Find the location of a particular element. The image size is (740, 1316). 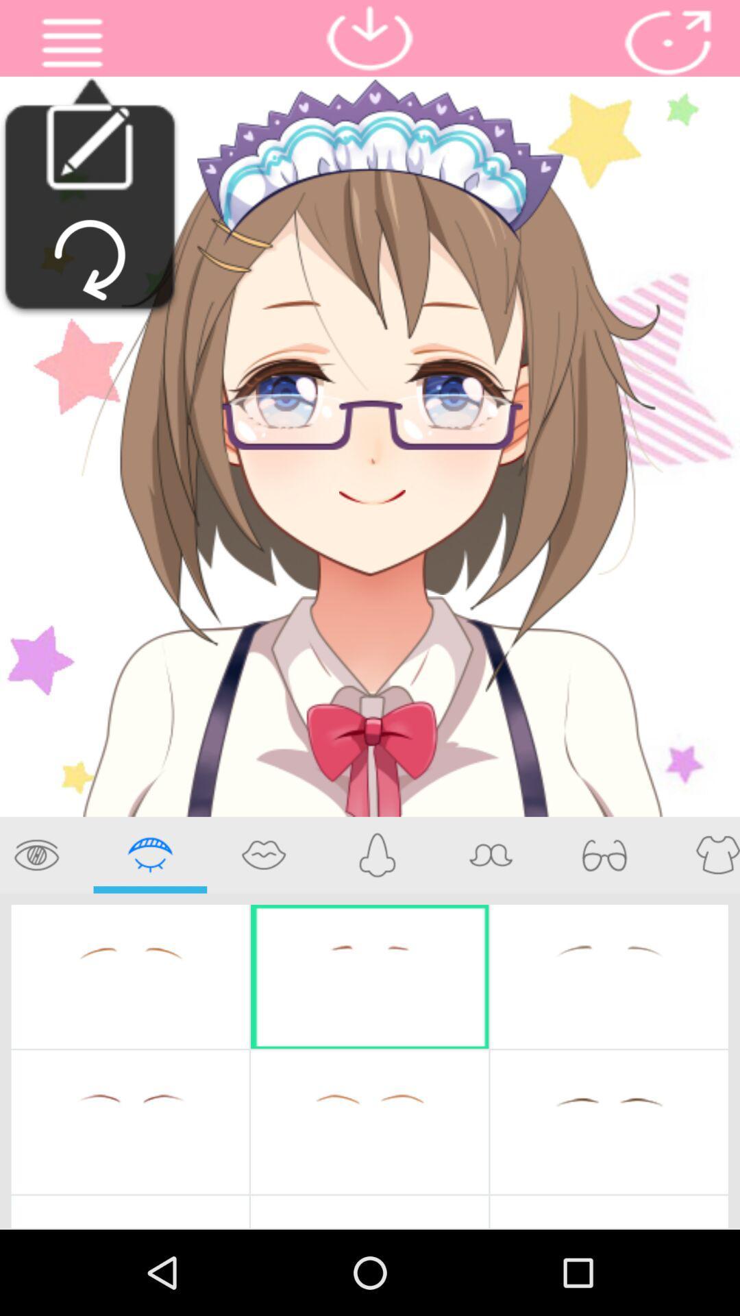

the menu icon is located at coordinates (72, 46).